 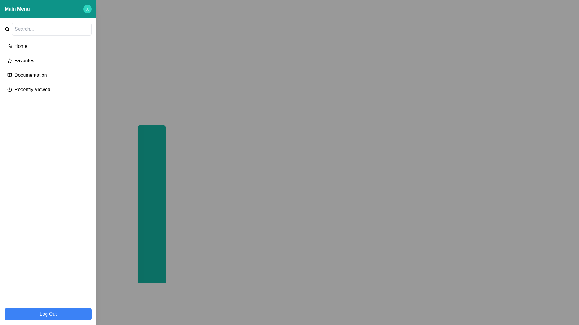 What do you see at coordinates (10, 75) in the screenshot?
I see `the 'Documentation' menu icon located in the left sidebar, positioned between 'Favorites' and 'Recently Viewed'` at bounding box center [10, 75].